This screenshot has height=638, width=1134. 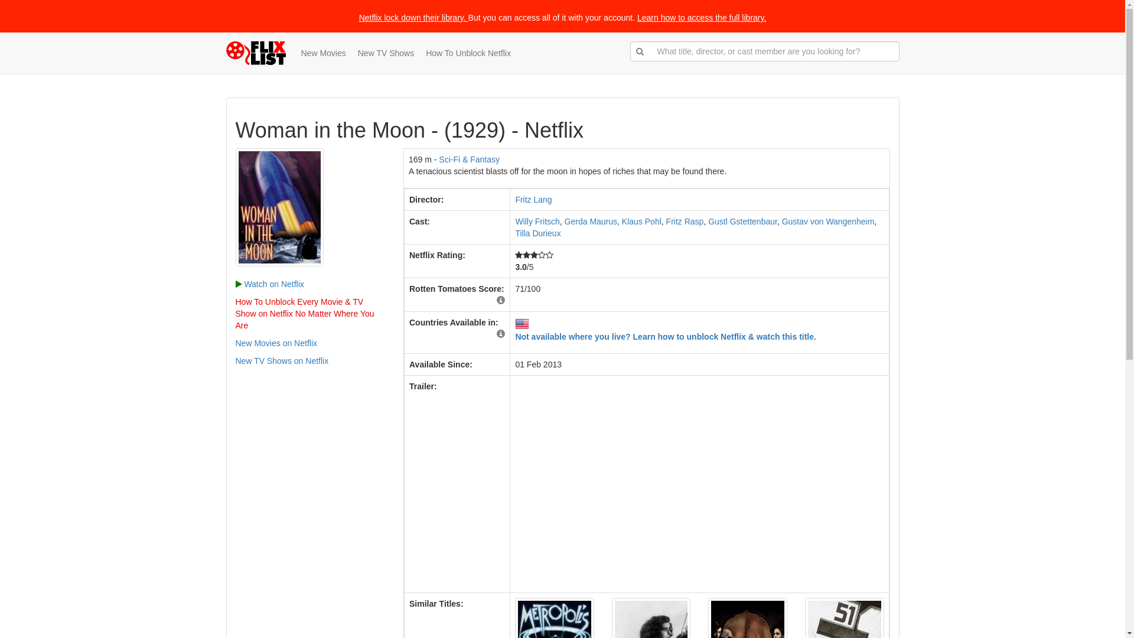 I want to click on 'Fritz Lang', so click(x=532, y=199).